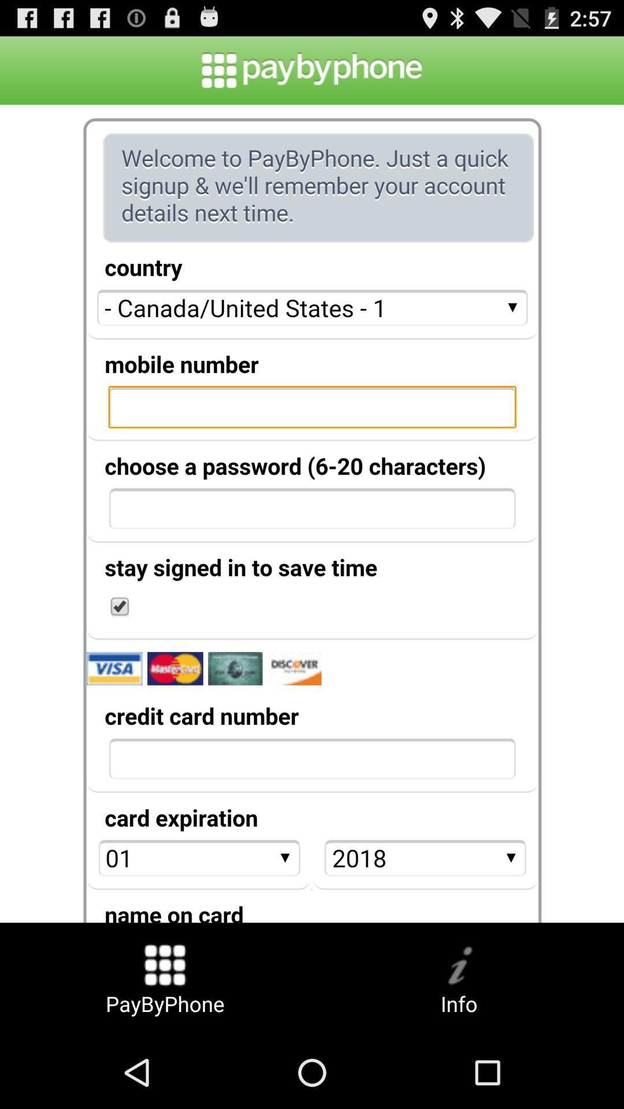 This screenshot has height=1109, width=624. What do you see at coordinates (312, 513) in the screenshot?
I see `off screen` at bounding box center [312, 513].